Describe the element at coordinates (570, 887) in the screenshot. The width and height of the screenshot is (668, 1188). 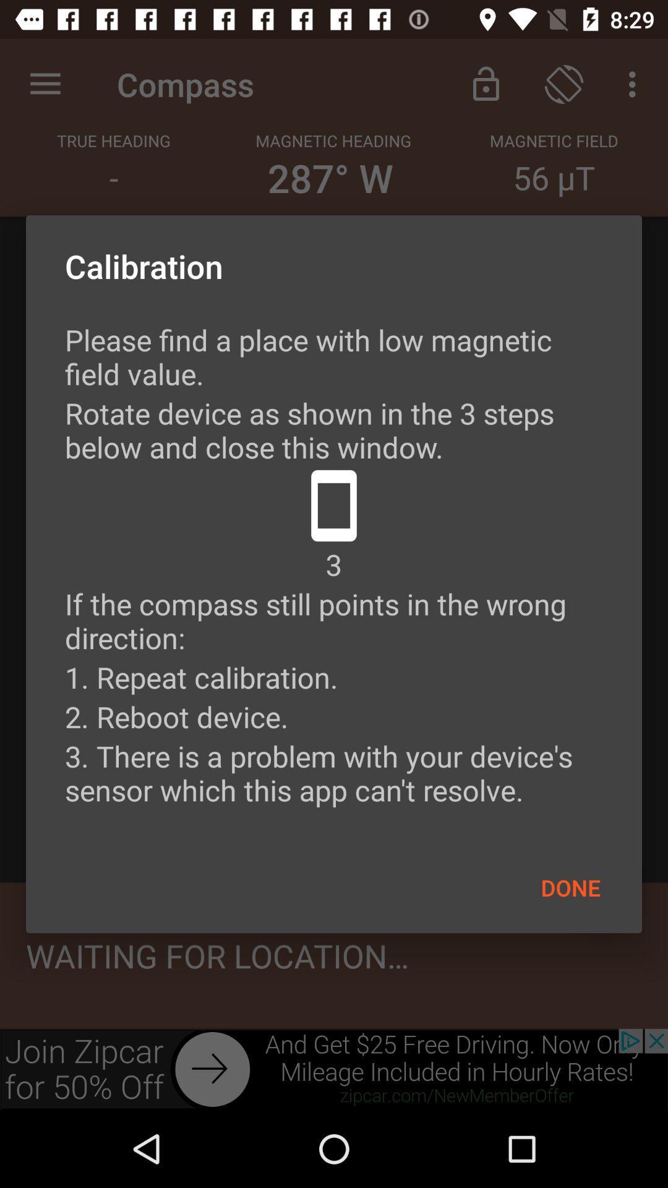
I see `icon below 3 there is item` at that location.